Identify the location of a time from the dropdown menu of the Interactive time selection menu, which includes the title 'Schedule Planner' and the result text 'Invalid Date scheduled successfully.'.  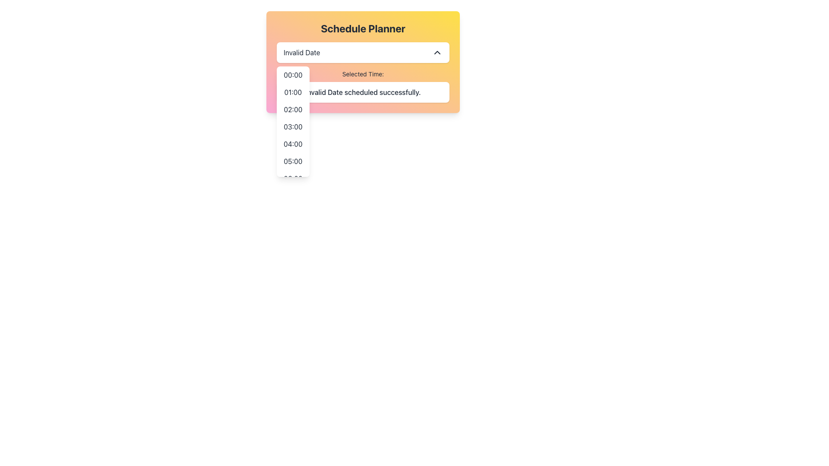
(363, 61).